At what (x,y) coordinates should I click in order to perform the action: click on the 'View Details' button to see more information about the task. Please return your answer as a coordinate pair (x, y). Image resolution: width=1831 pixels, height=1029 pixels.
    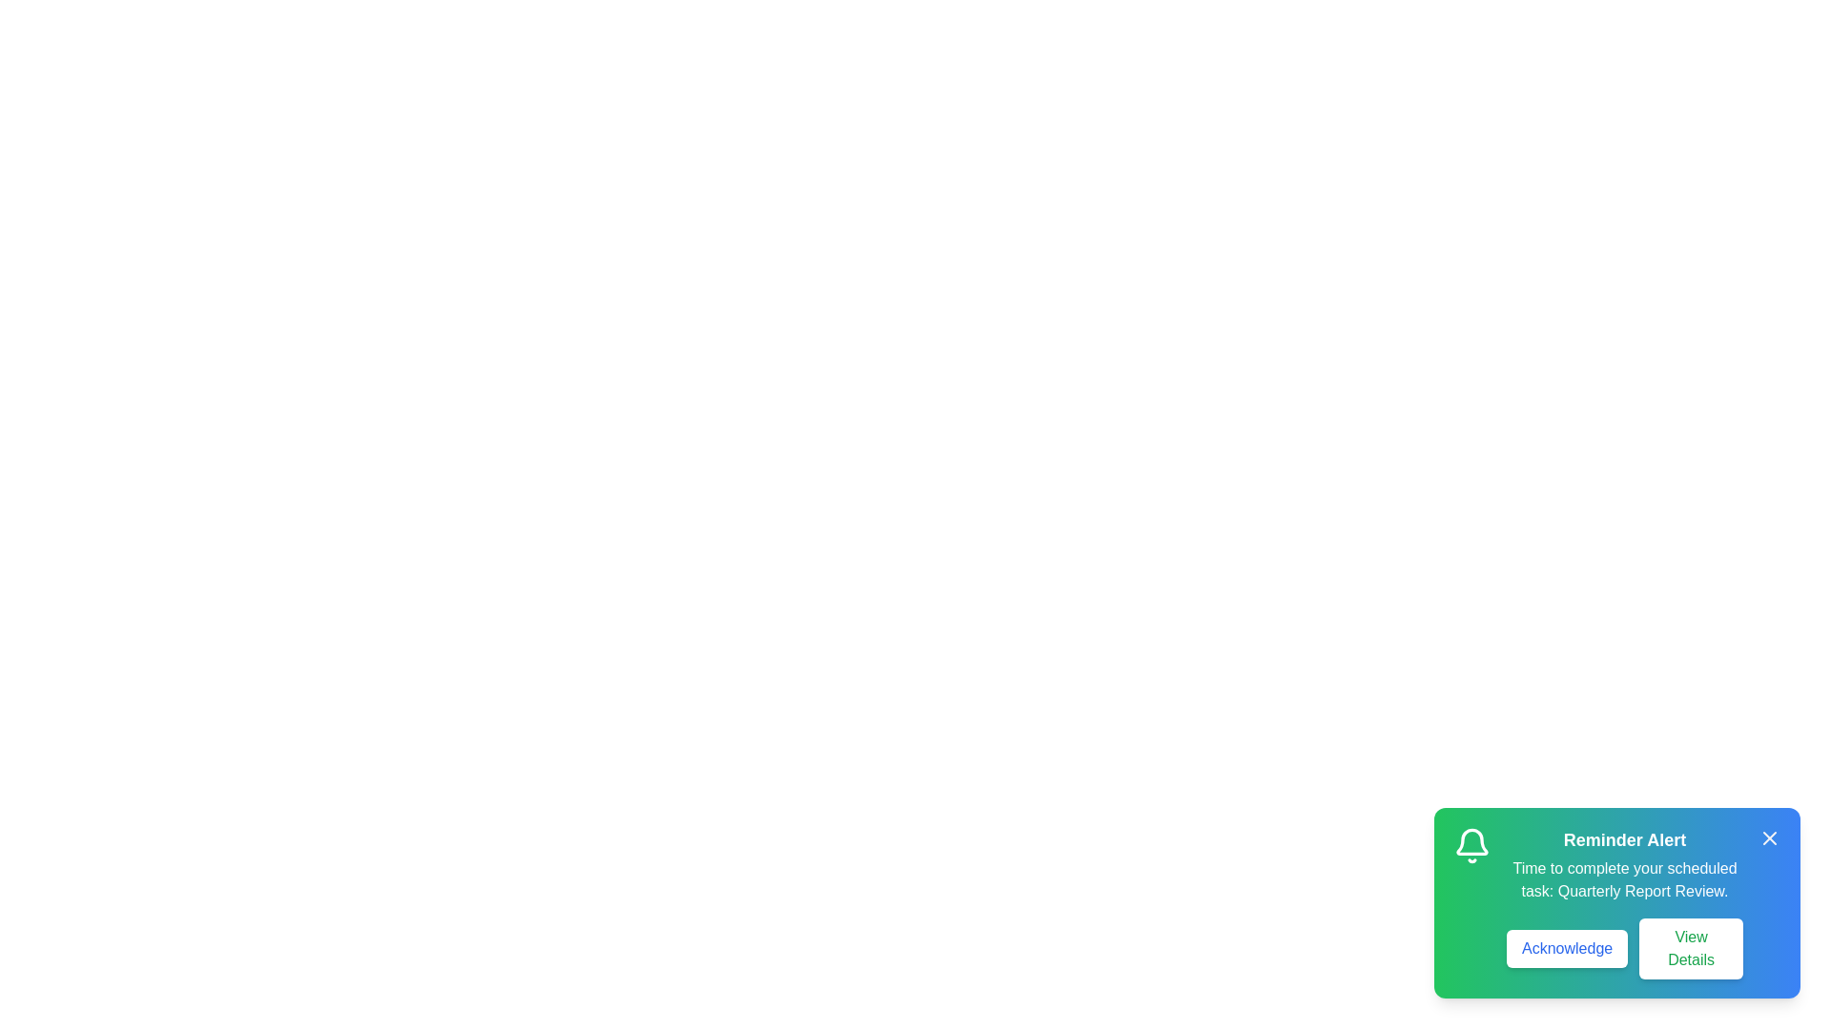
    Looking at the image, I should click on (1691, 948).